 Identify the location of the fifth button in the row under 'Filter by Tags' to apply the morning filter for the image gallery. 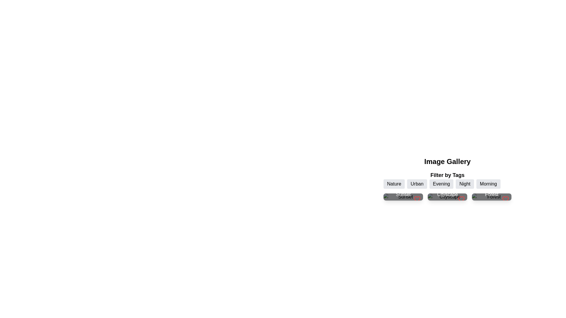
(488, 183).